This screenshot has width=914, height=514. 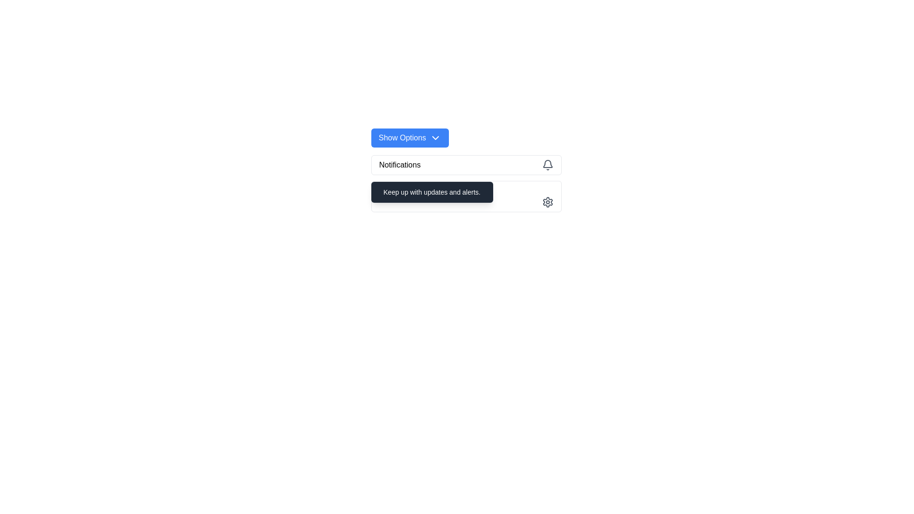 What do you see at coordinates (435, 138) in the screenshot?
I see `the downward-pointing chevron icon located to the right of the 'Show Options' text, which indicates a dropdown or collapsible menu` at bounding box center [435, 138].